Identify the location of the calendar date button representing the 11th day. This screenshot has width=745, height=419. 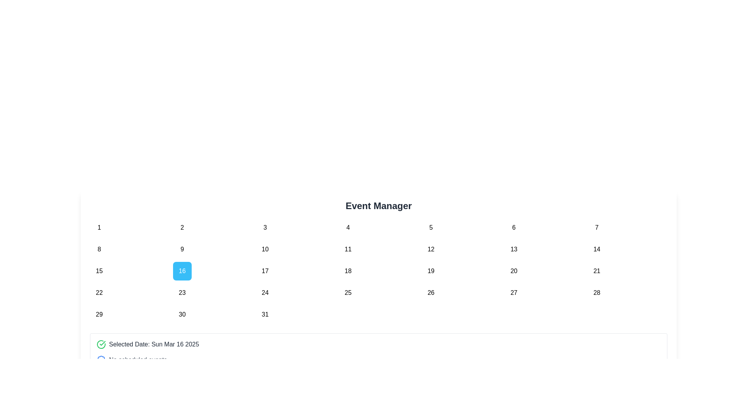
(348, 249).